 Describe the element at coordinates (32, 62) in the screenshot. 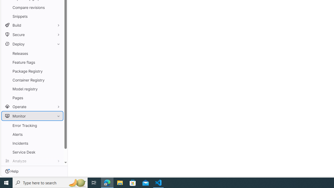

I see `'Feature flags'` at that location.